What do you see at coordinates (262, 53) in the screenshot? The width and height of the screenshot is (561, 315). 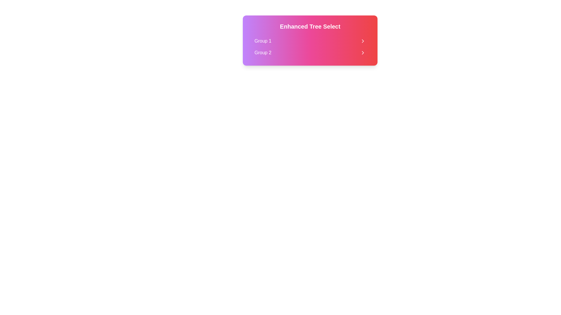 I see `the text label that serves as a title for a selectable group, which is the second item in a vertical list within a card` at bounding box center [262, 53].